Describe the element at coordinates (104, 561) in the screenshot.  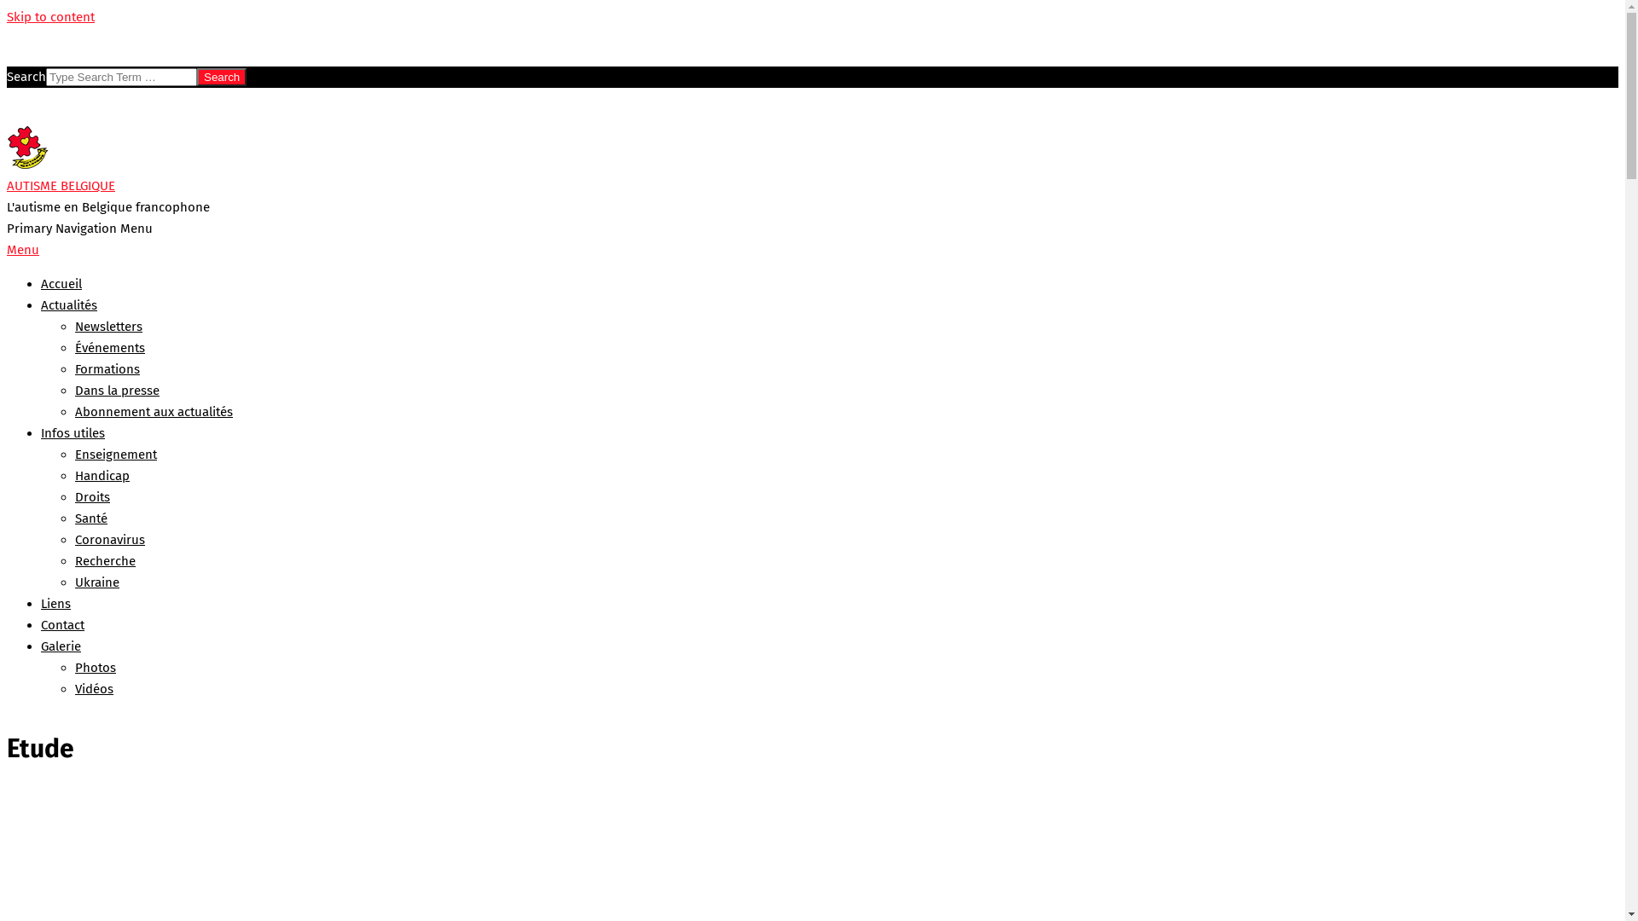
I see `'Recherche'` at that location.